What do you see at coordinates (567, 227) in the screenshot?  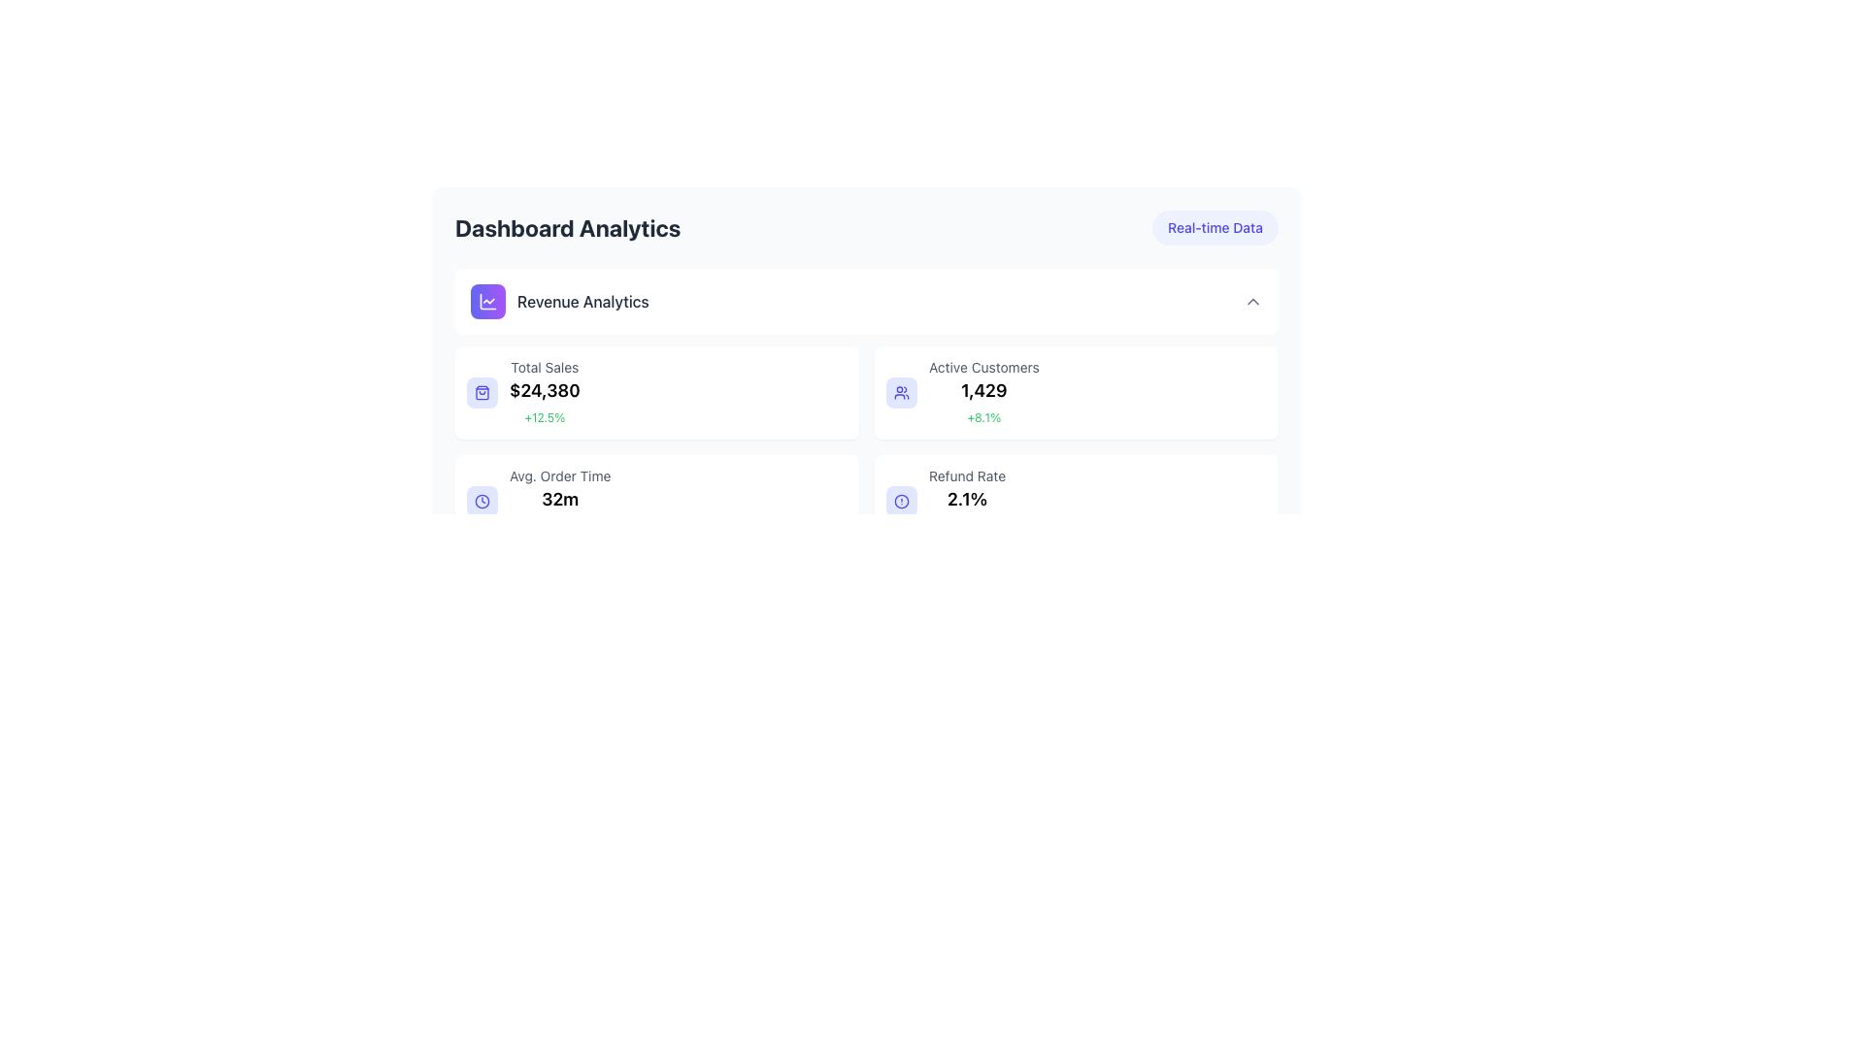 I see `the non-interactive Text Label that serves as a title or header, positioned on the left side of the interface` at bounding box center [567, 227].